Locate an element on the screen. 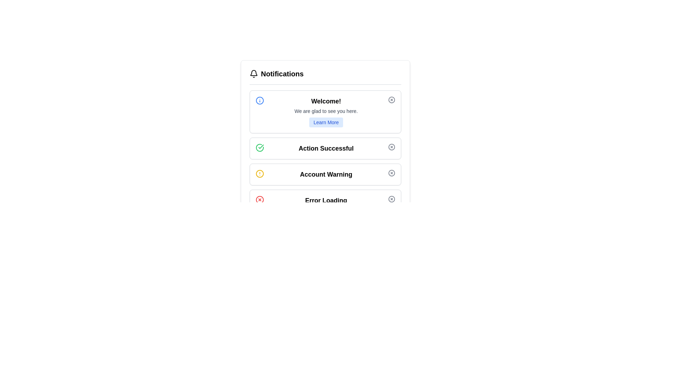  the fourth notification item in the 'Notifications' panel, which displays 'Error Loading' with a red circular icon containing a white 'X' to the left is located at coordinates (325, 201).